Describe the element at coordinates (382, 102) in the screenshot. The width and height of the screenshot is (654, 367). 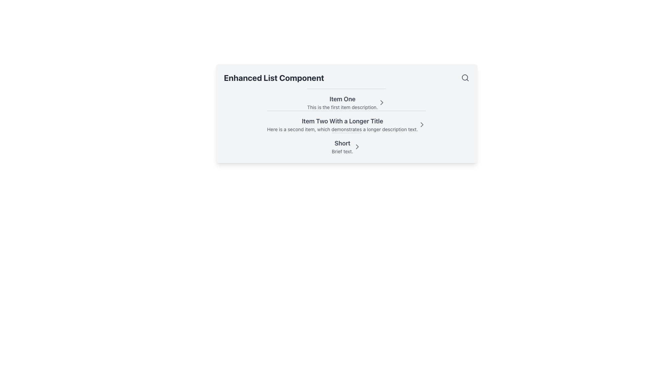
I see `the icon positioned at the right-most edge of the 'Item One' entry` at that location.